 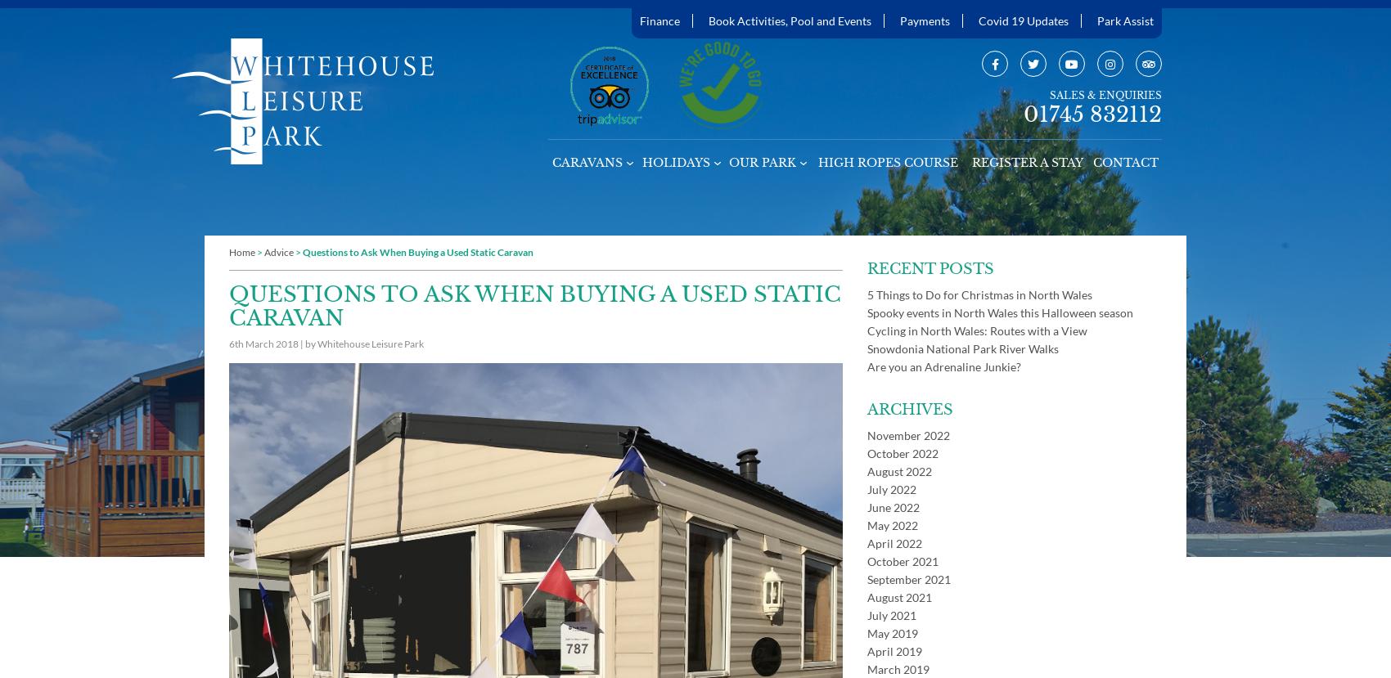 I want to click on 'Recent Posts', so click(x=930, y=269).